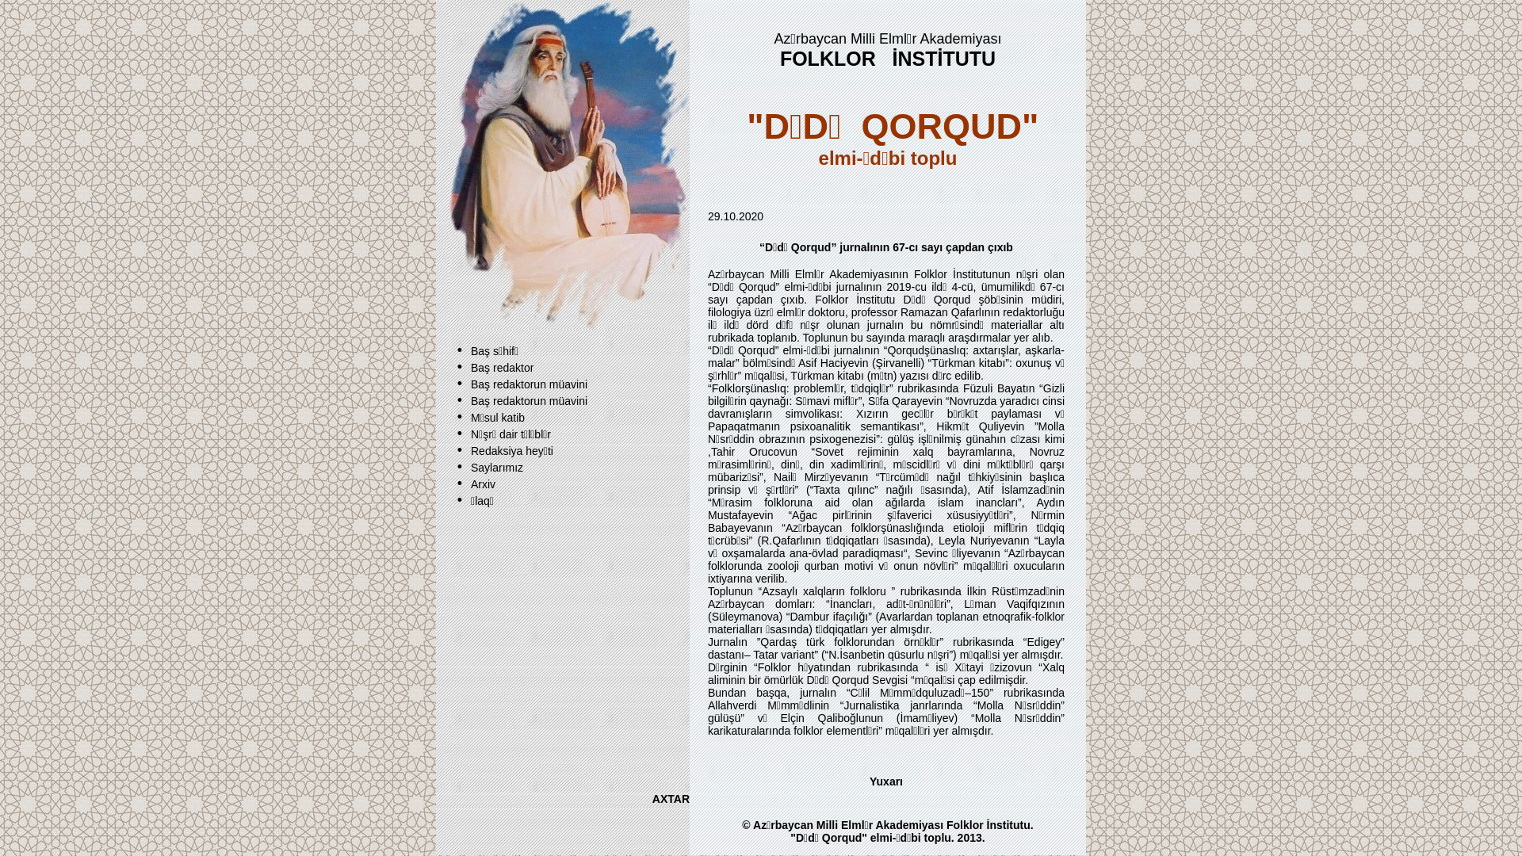 Image resolution: width=1522 pixels, height=856 pixels. Describe the element at coordinates (482, 482) in the screenshot. I see `'Arxiv'` at that location.